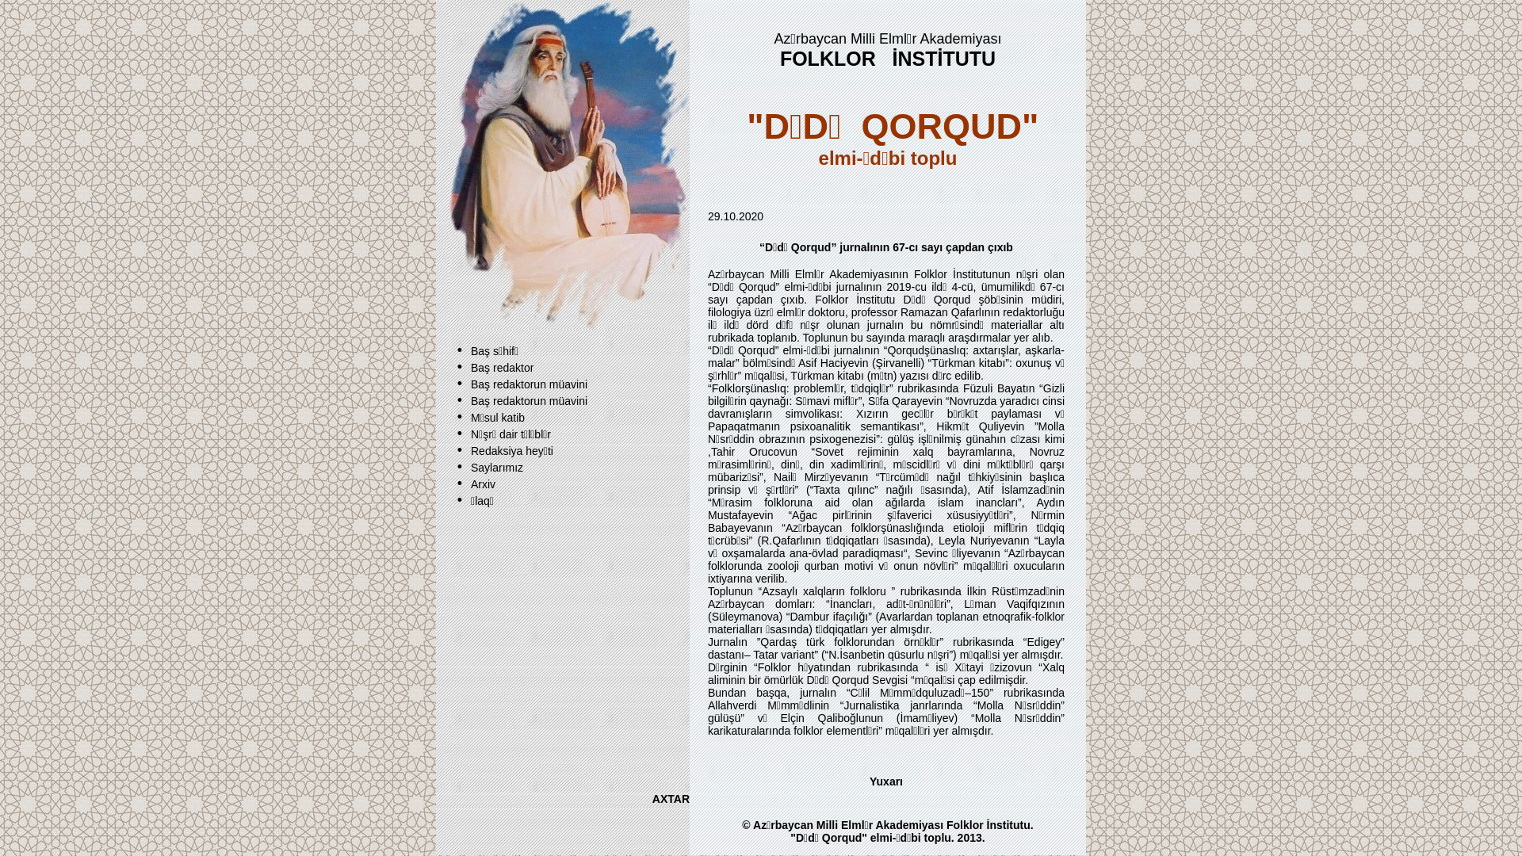 Image resolution: width=1522 pixels, height=856 pixels. Describe the element at coordinates (482, 482) in the screenshot. I see `'Arxiv'` at that location.